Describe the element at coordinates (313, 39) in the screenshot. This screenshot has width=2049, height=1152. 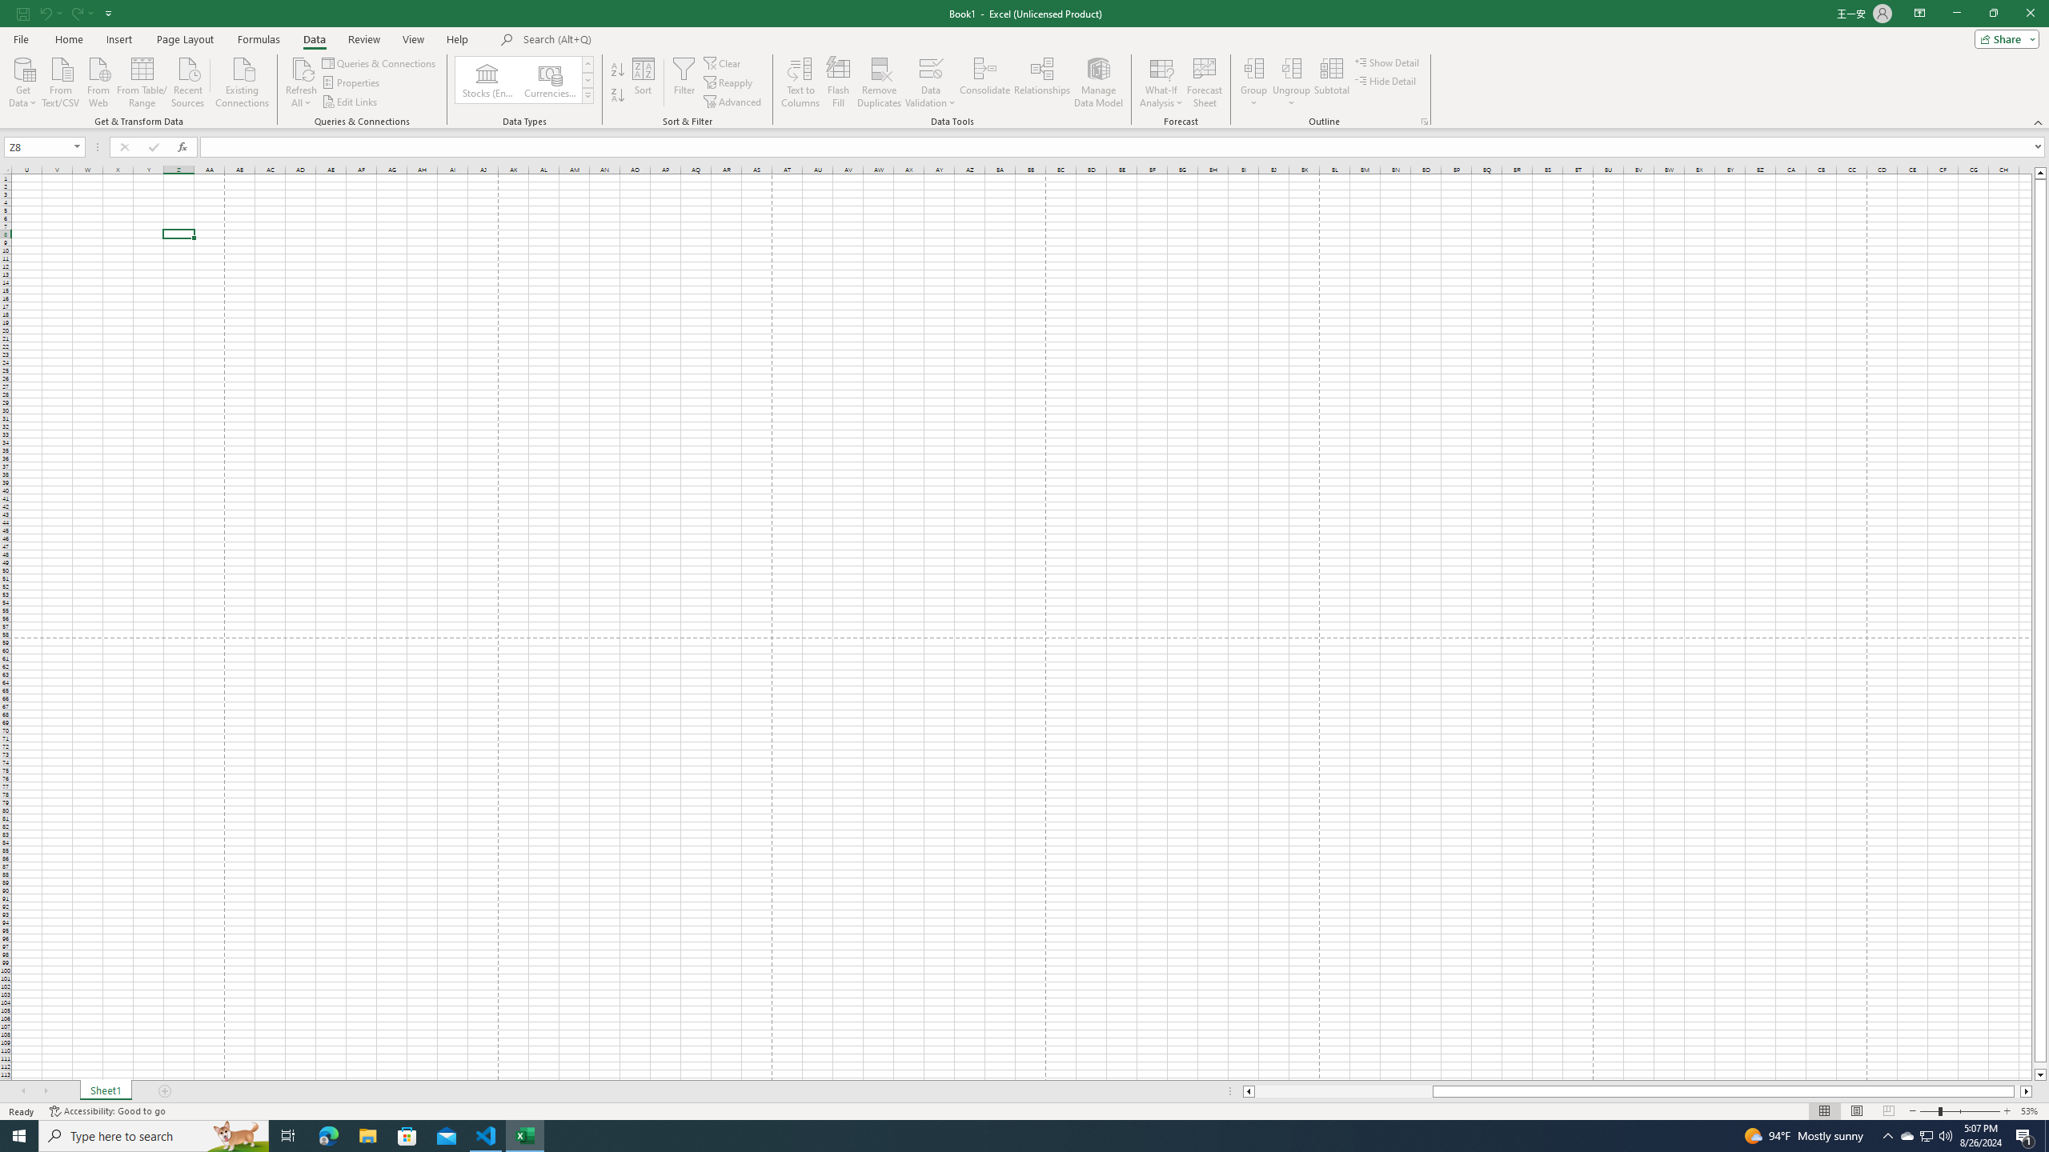
I see `'Data'` at that location.